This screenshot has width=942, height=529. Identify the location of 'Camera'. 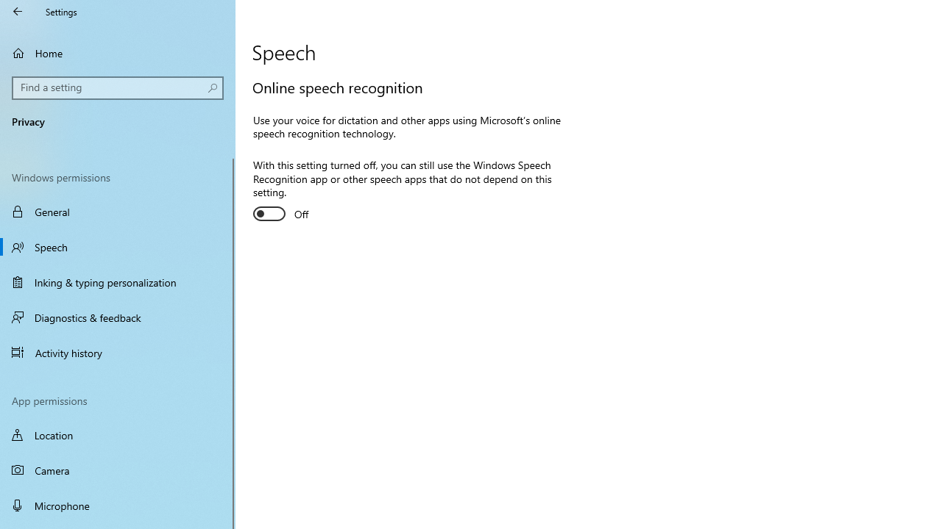
(118, 470).